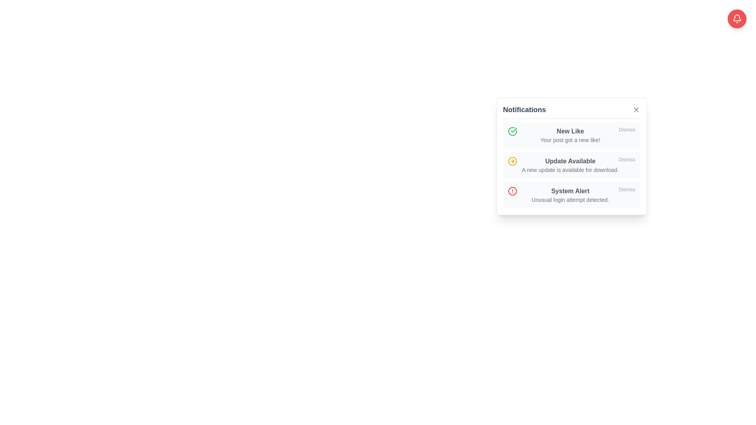  What do you see at coordinates (570, 191) in the screenshot?
I see `the text label indicating a system alert for the notification, which is centrally positioned above the descriptive text 'Unusual login attempt detected.'` at bounding box center [570, 191].